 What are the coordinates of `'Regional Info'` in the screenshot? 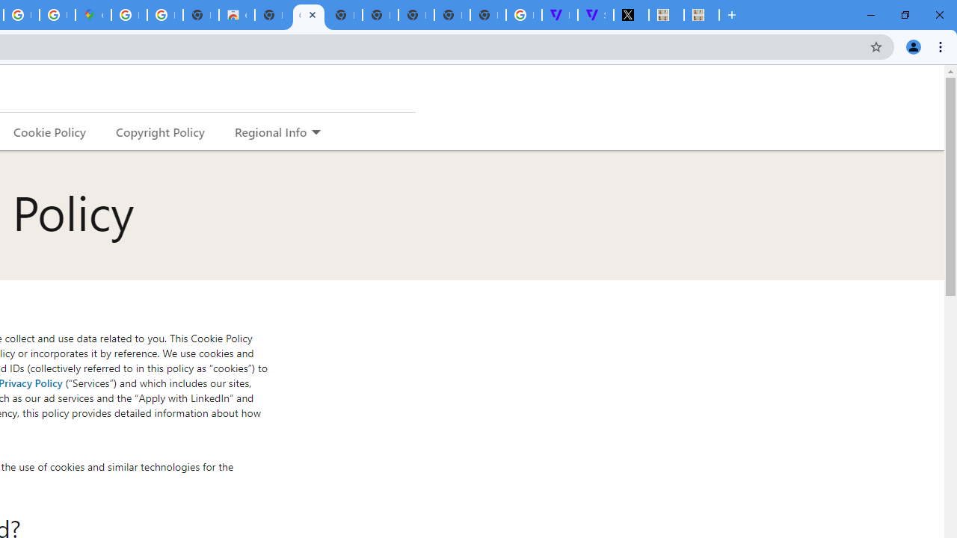 It's located at (271, 131).